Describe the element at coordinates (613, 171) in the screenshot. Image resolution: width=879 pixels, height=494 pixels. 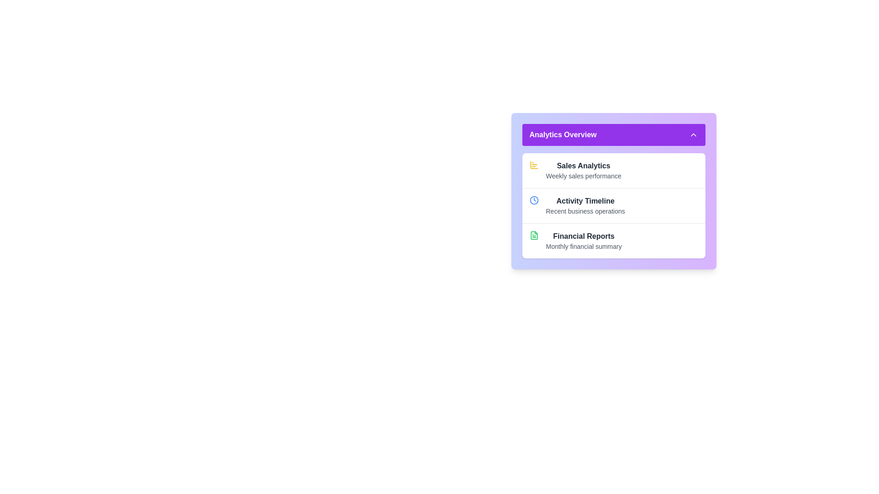
I see `the List item labeled 'Sales Analytics' that contains an icon resembling a bar chart and two lines of text` at that location.